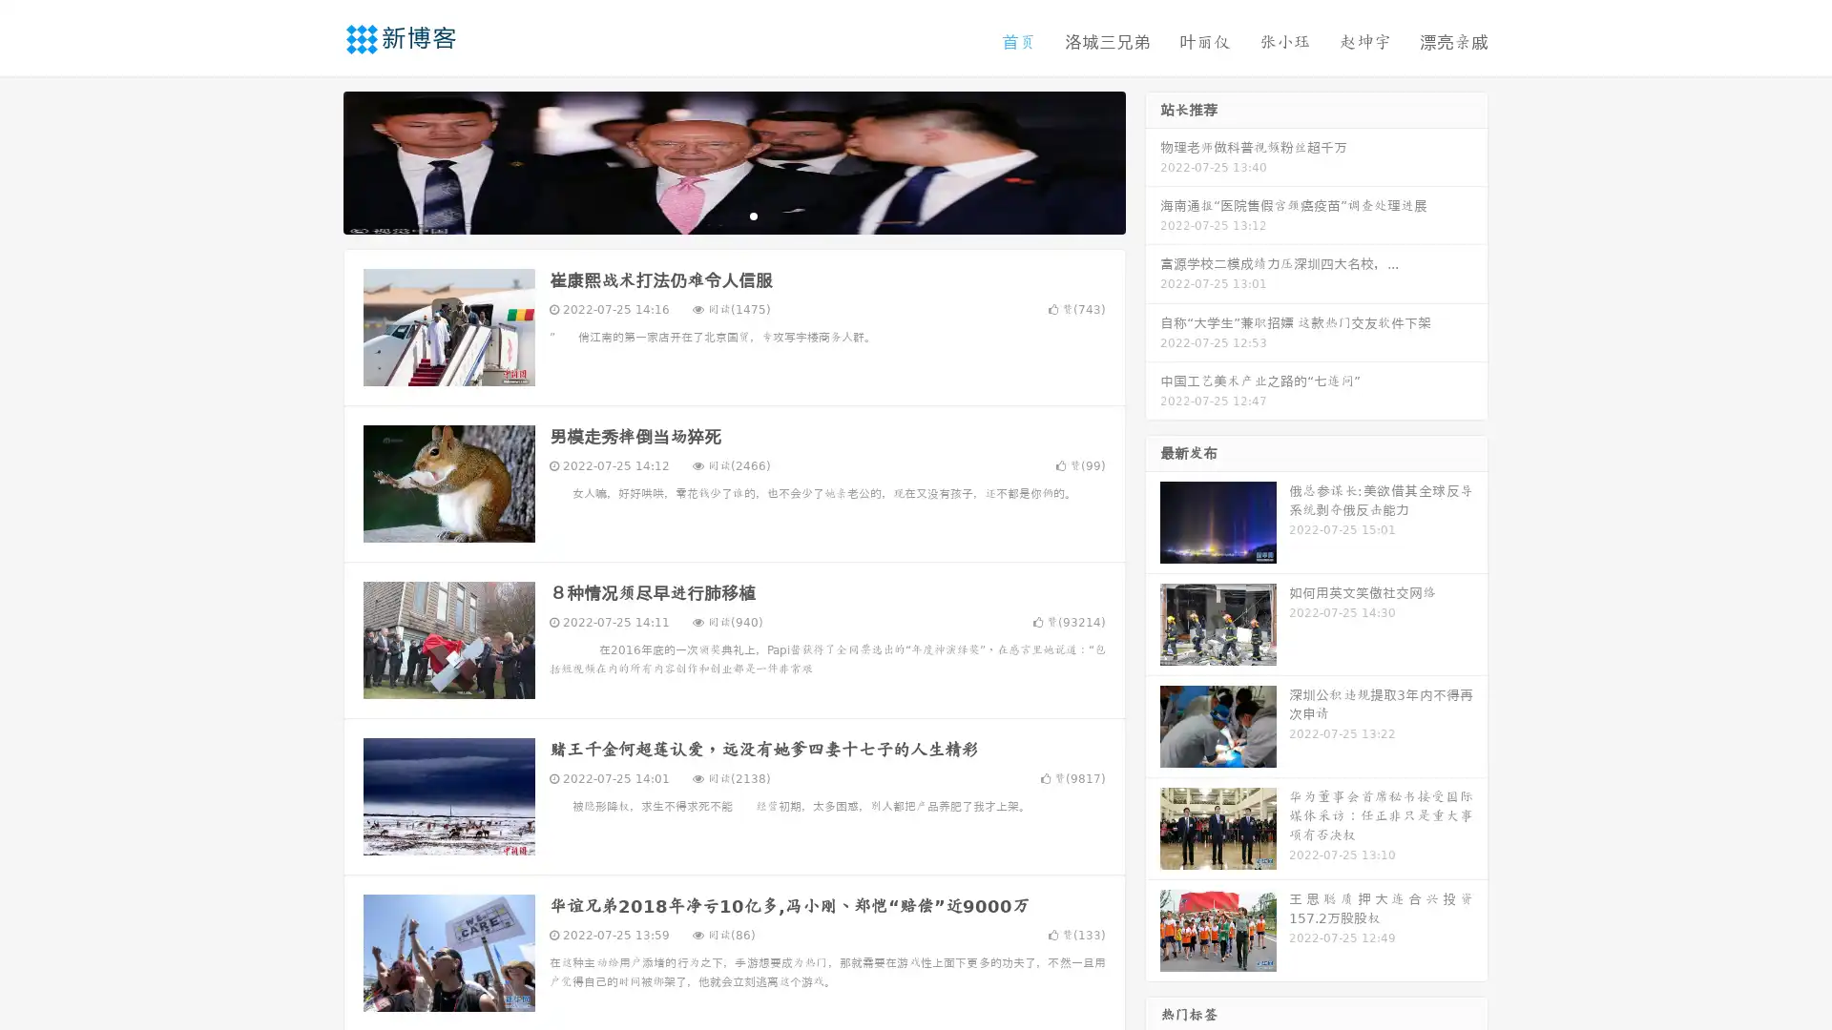 The height and width of the screenshot is (1030, 1832). I want to click on Go to slide 3, so click(753, 215).